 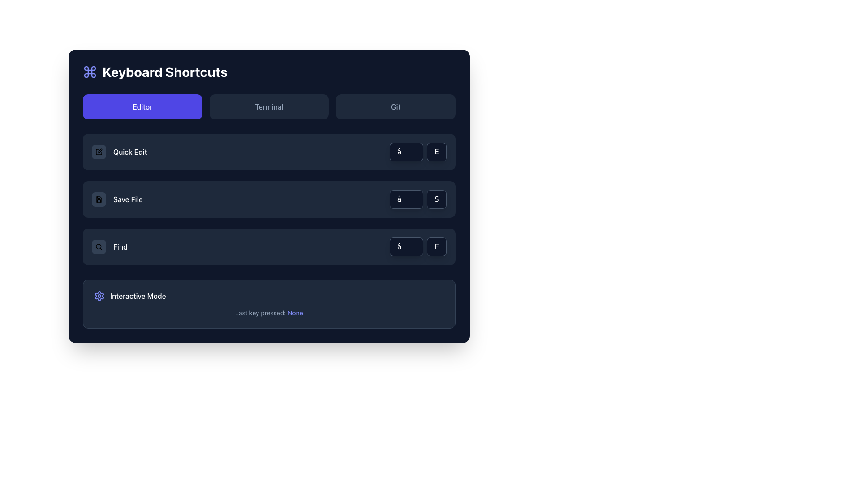 I want to click on the button displaying the keyboard shortcut key 'F', which is the second button in a horizontal group aligned to the right in the 'Keyboard Shortcuts' section, so click(x=437, y=246).